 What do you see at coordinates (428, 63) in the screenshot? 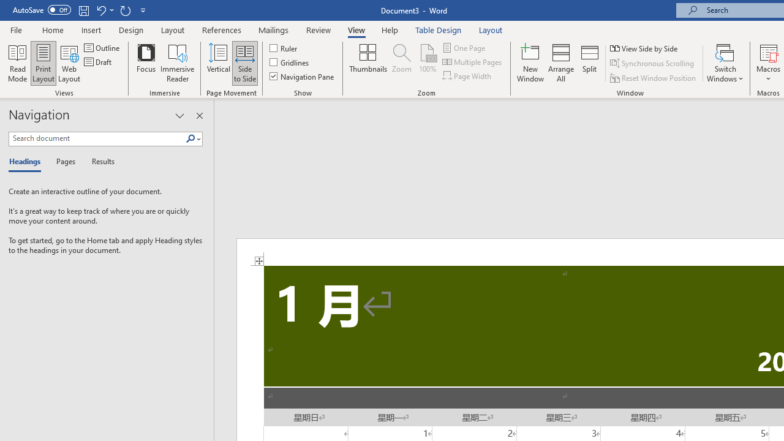
I see `'100%'` at bounding box center [428, 63].